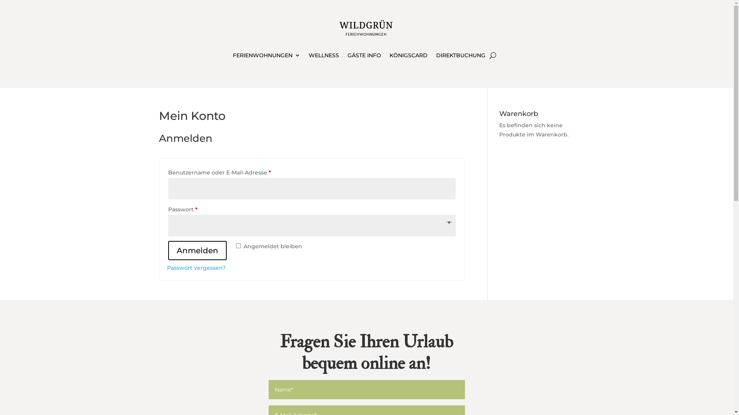 This screenshot has height=415, width=739. I want to click on 'DIREKTBUCHUNG', so click(460, 56).